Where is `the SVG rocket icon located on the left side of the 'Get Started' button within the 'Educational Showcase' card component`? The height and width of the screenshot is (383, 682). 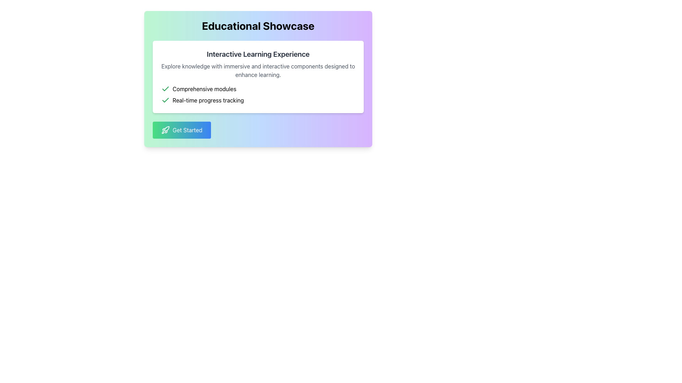 the SVG rocket icon located on the left side of the 'Get Started' button within the 'Educational Showcase' card component is located at coordinates (165, 130).